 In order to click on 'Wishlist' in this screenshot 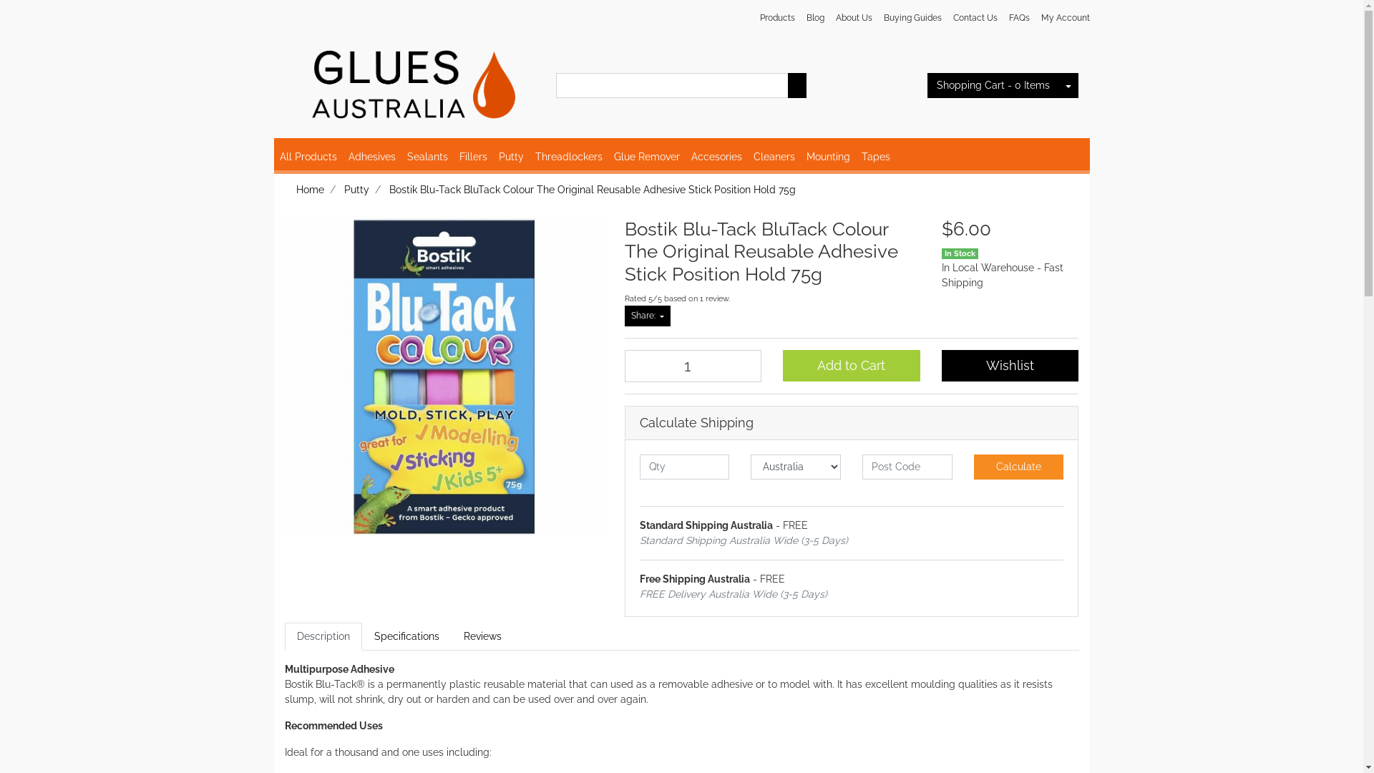, I will do `click(941, 364)`.